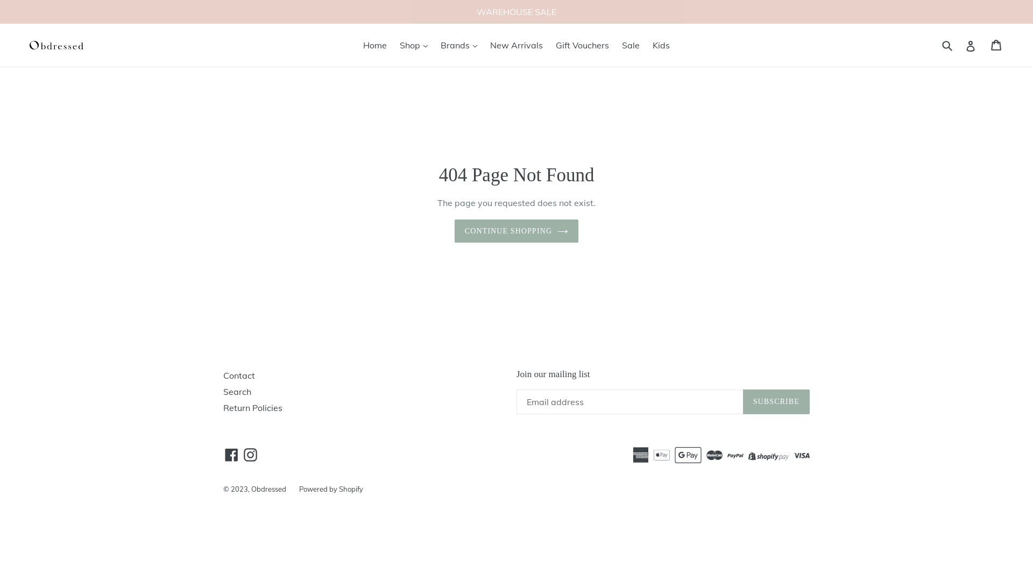 The height and width of the screenshot is (581, 1033). I want to click on 'Instagram', so click(250, 454).